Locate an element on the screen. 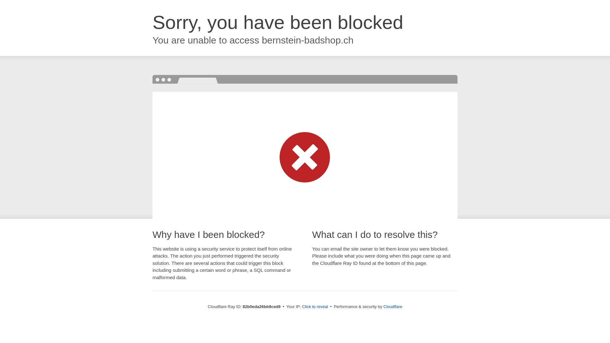  'Click to reveal' is located at coordinates (315, 306).